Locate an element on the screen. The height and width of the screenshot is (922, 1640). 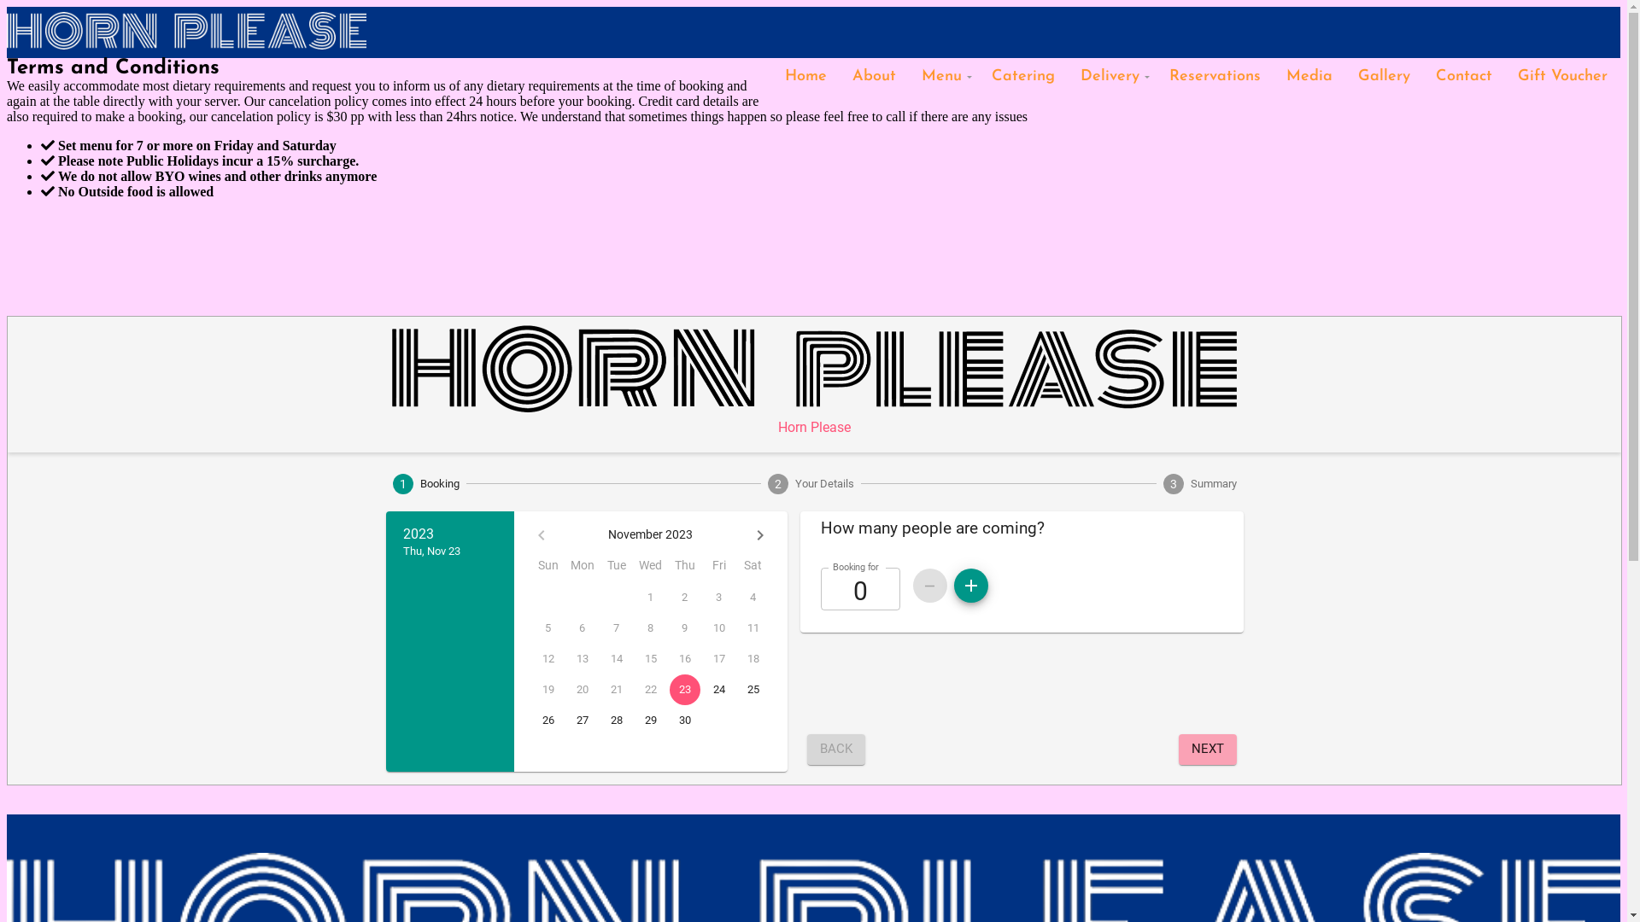
'Gallery' is located at coordinates (1344, 75).